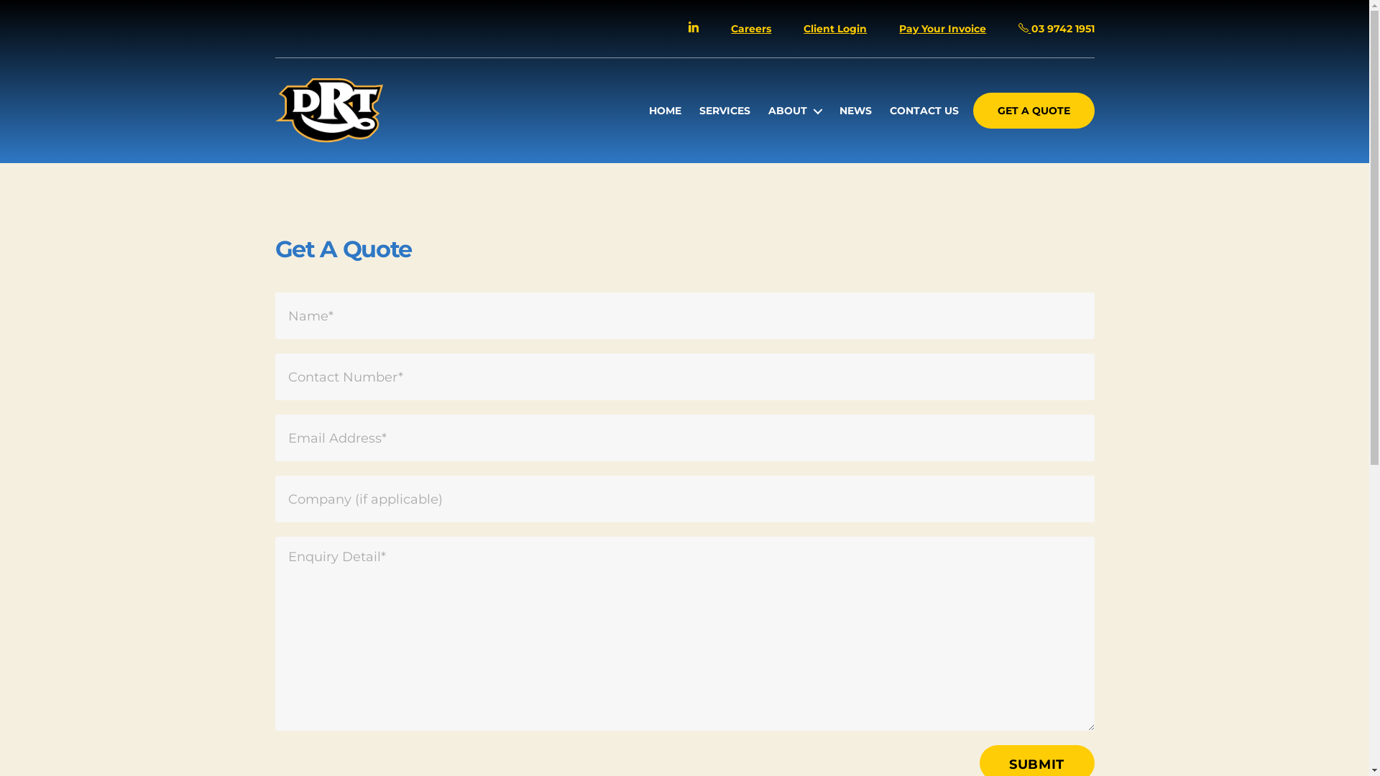 Image resolution: width=1380 pixels, height=776 pixels. Describe the element at coordinates (648, 110) in the screenshot. I see `'HOME'` at that location.